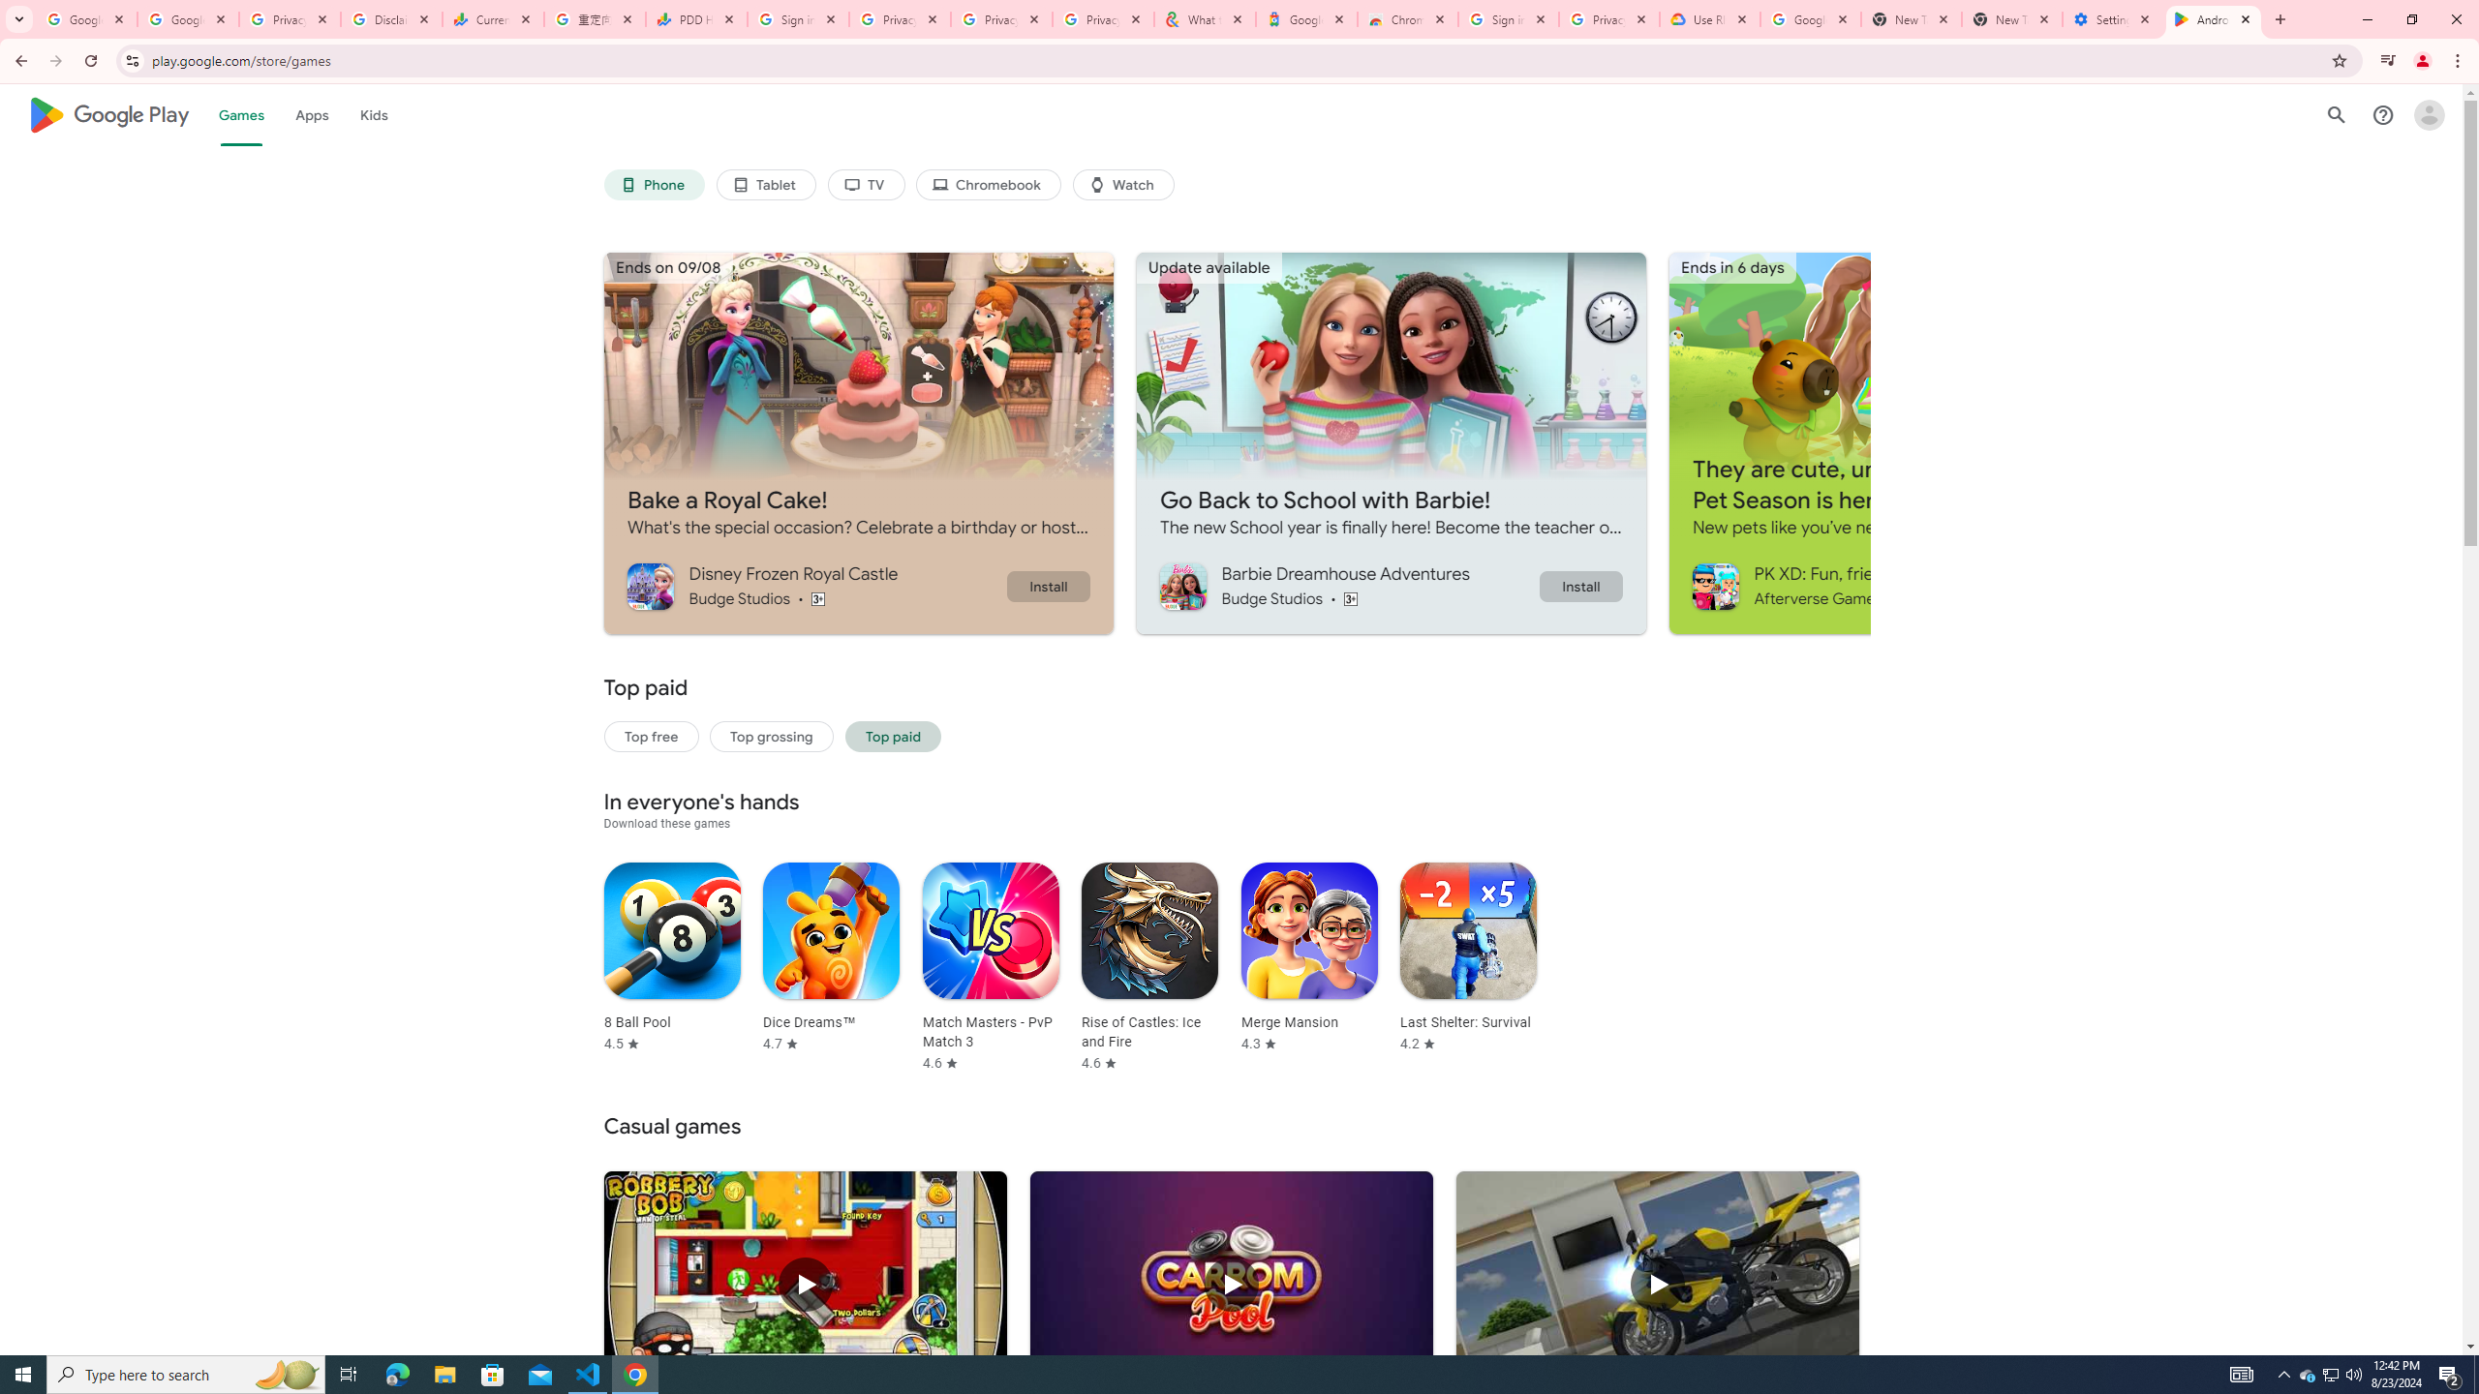  I want to click on 'Play Robbery Bob - King of Sneak', so click(805, 1284).